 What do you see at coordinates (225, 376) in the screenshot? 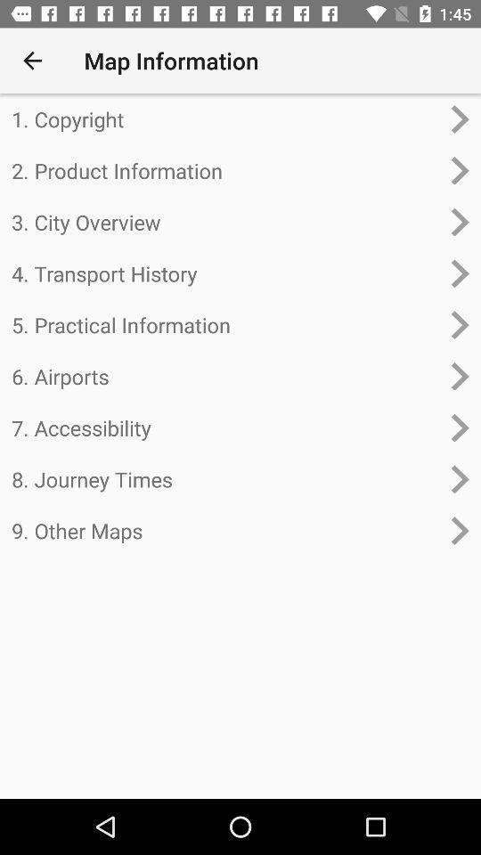
I see `the 6. airports item` at bounding box center [225, 376].